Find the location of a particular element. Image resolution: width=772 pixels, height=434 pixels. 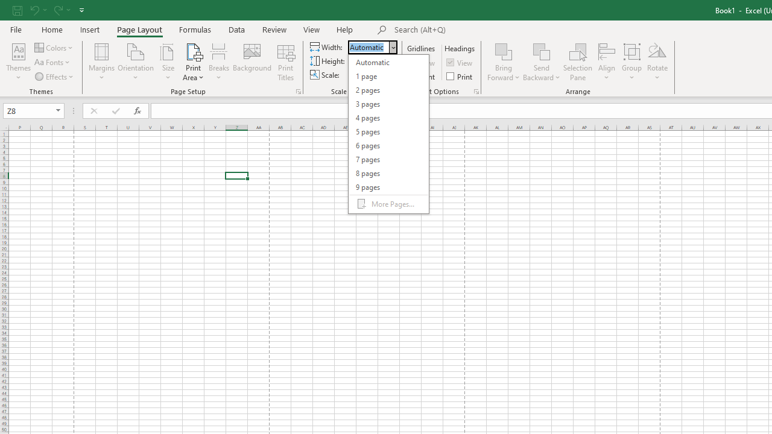

'Page Layout' is located at coordinates (139, 29).